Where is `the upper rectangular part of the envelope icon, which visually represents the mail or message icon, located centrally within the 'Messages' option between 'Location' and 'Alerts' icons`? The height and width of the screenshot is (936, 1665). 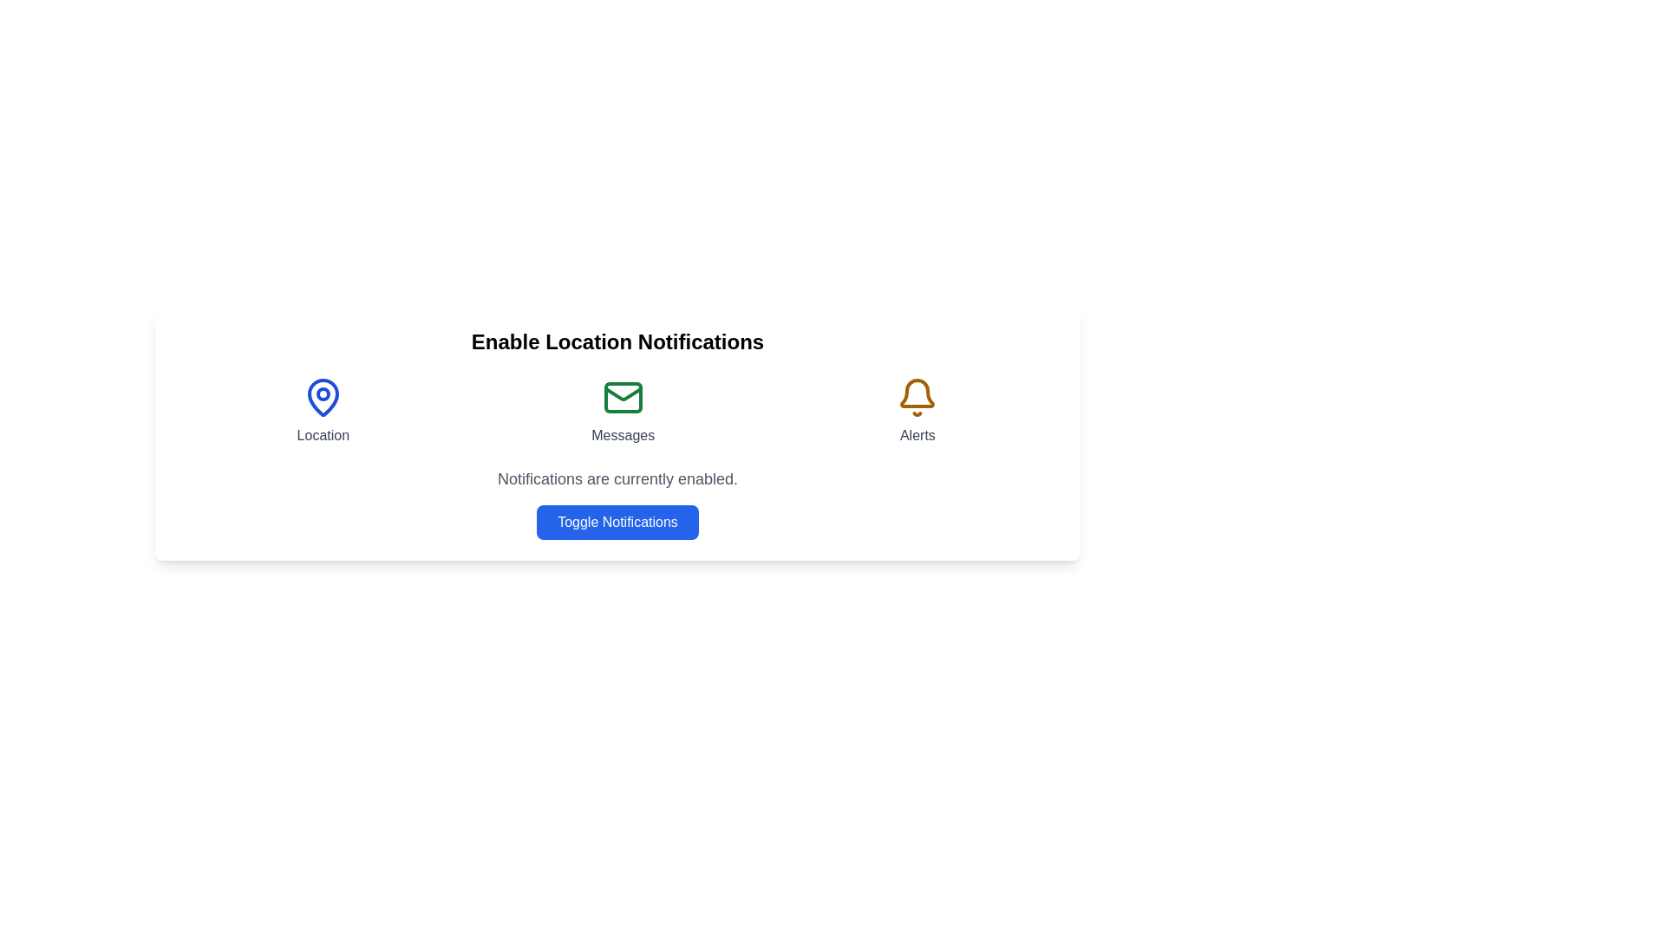
the upper rectangular part of the envelope icon, which visually represents the mail or message icon, located centrally within the 'Messages' option between 'Location' and 'Alerts' icons is located at coordinates (623, 398).